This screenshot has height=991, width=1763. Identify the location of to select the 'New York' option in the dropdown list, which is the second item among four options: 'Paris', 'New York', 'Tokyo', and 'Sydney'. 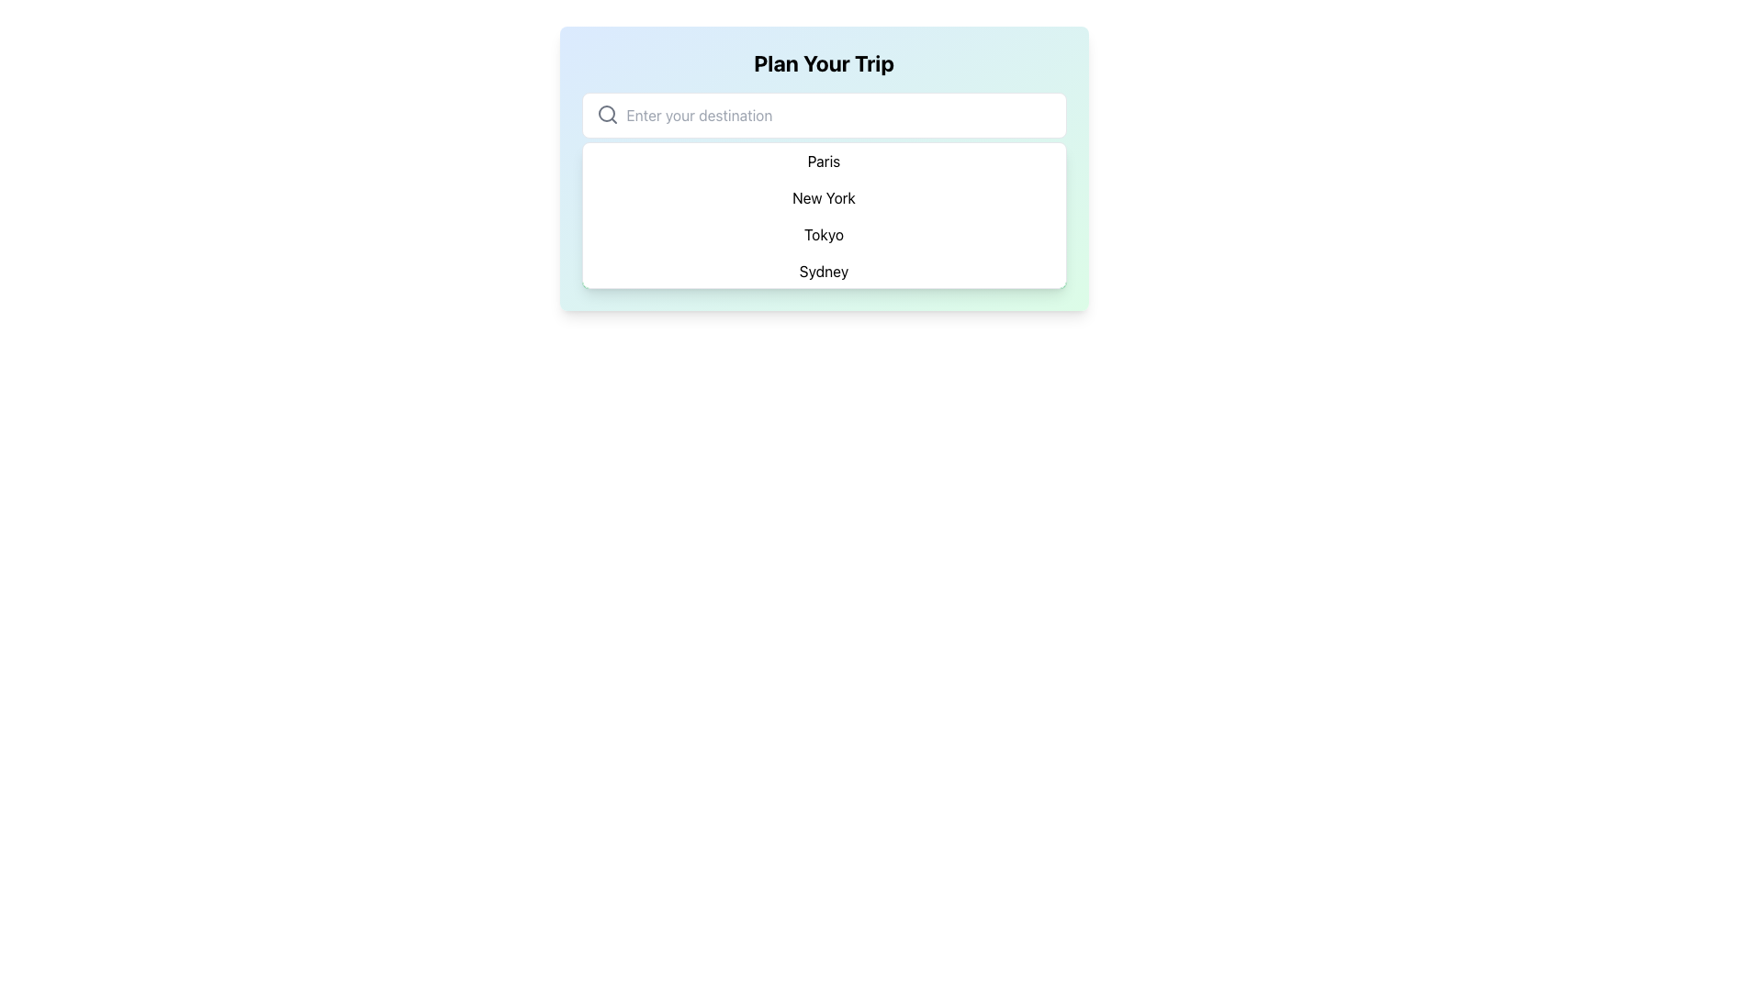
(823, 198).